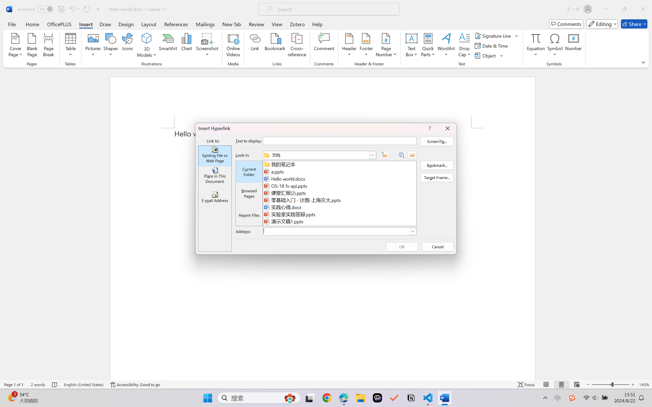 This screenshot has width=652, height=407. I want to click on 'Cancel', so click(438, 247).